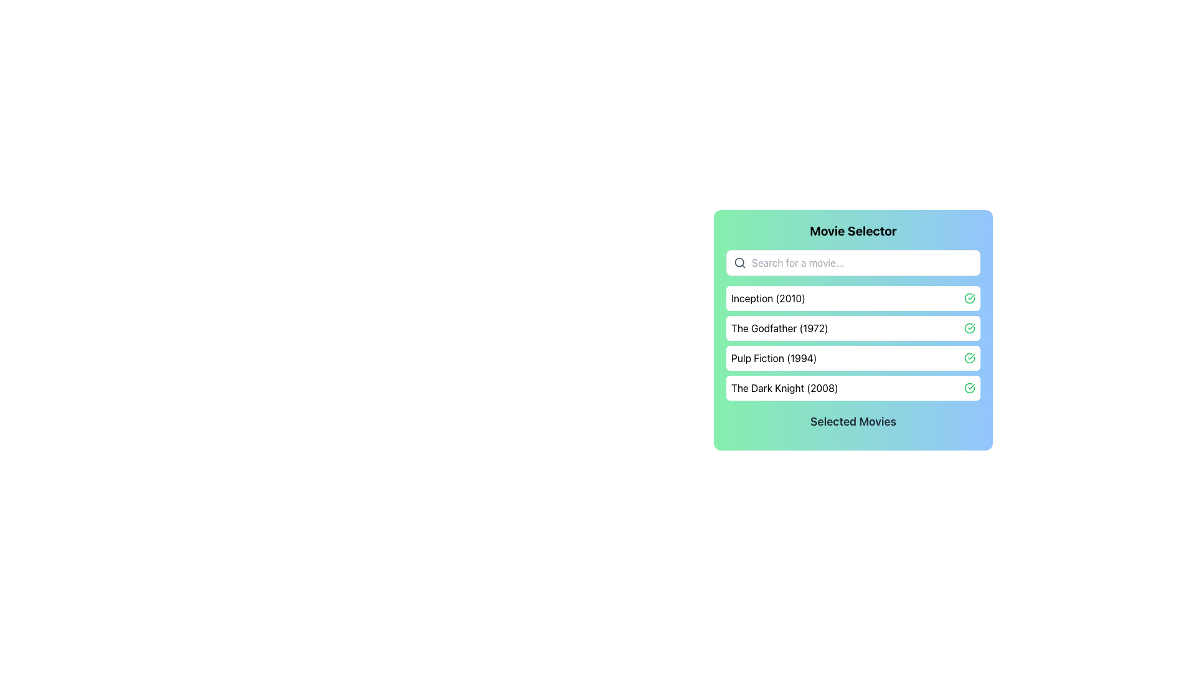 This screenshot has width=1196, height=673. I want to click on the search icon located to the left of the search input field to initiate a search action or focus the input field, so click(740, 262).